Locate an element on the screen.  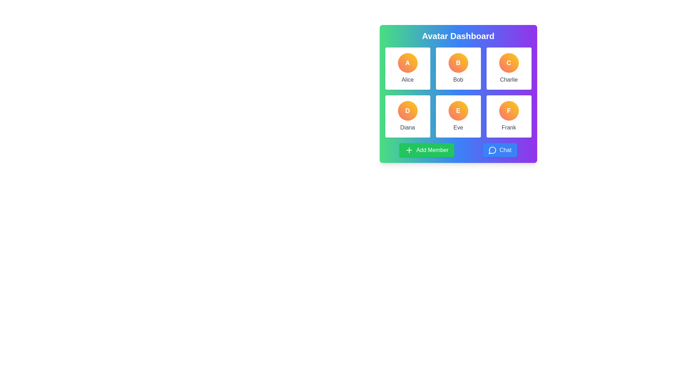
the avatar in the user dashboard is located at coordinates (458, 92).